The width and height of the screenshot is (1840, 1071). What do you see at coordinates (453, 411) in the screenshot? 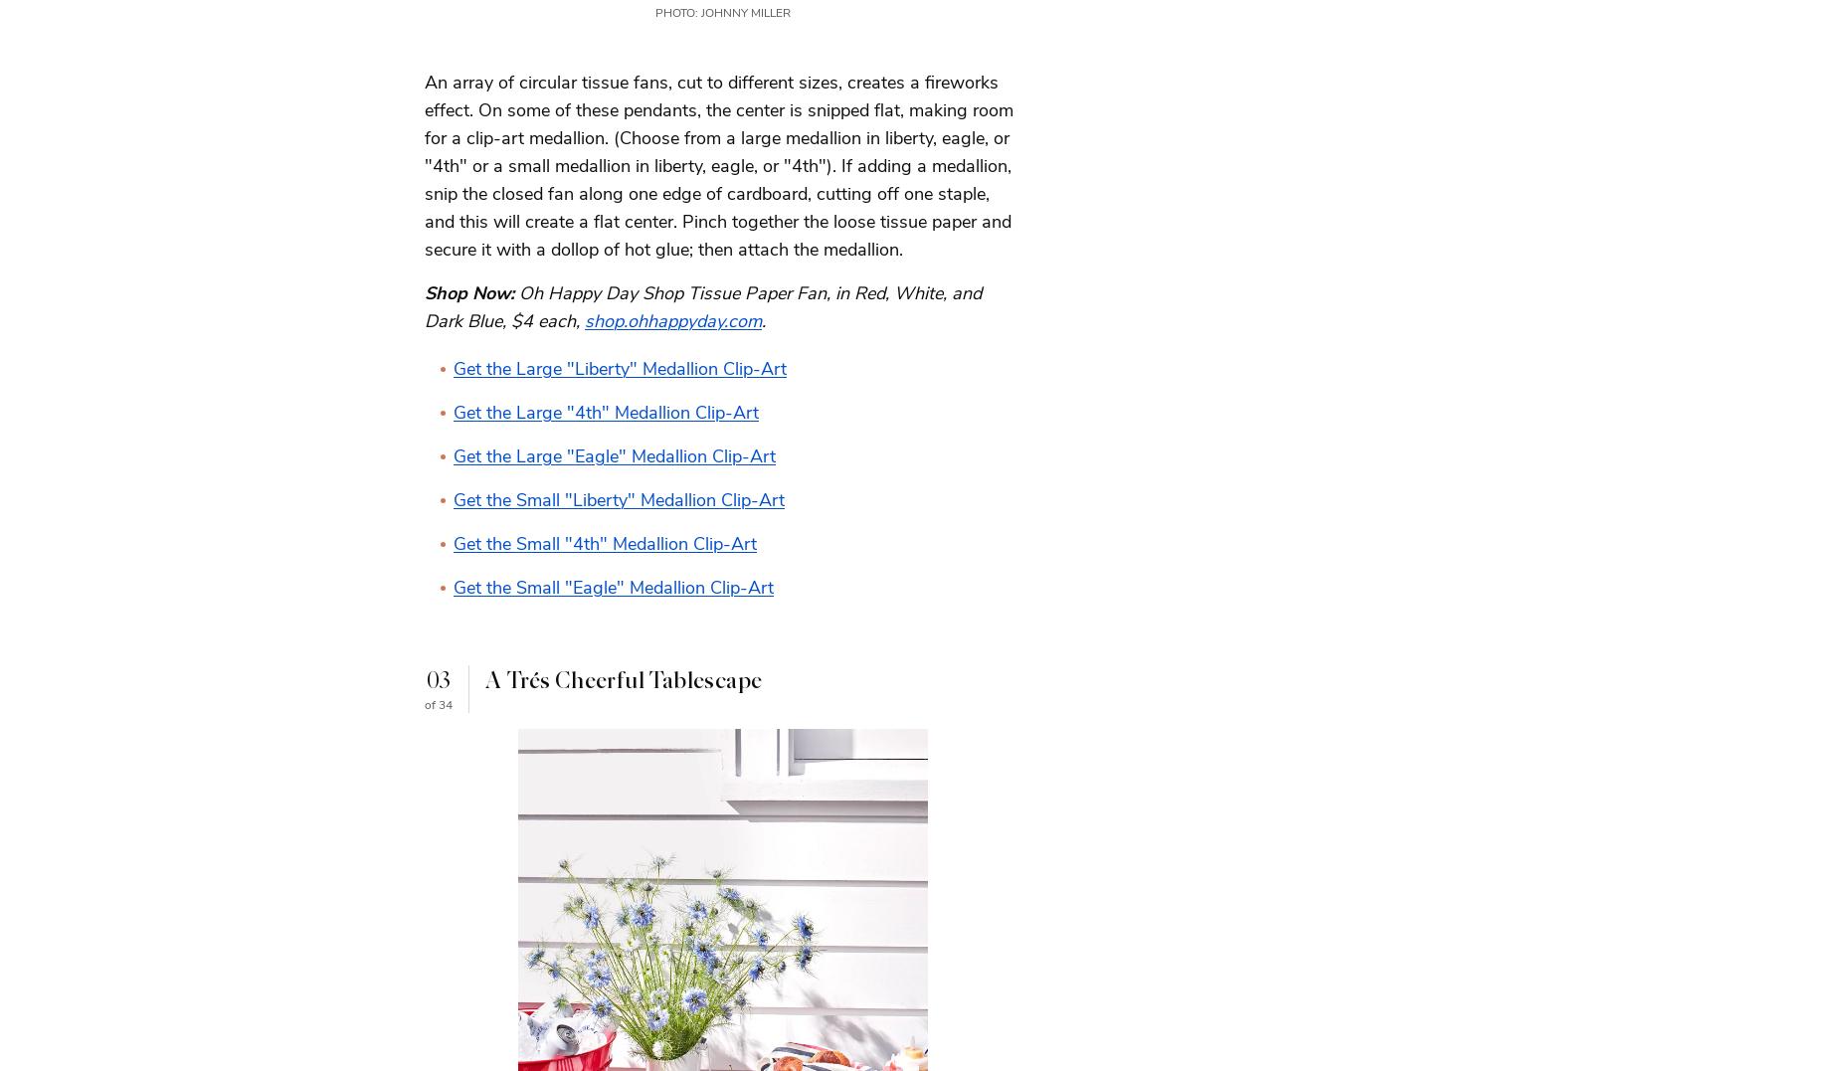
I see `'Get the Large "4th" Medallion Clip-Art'` at bounding box center [453, 411].